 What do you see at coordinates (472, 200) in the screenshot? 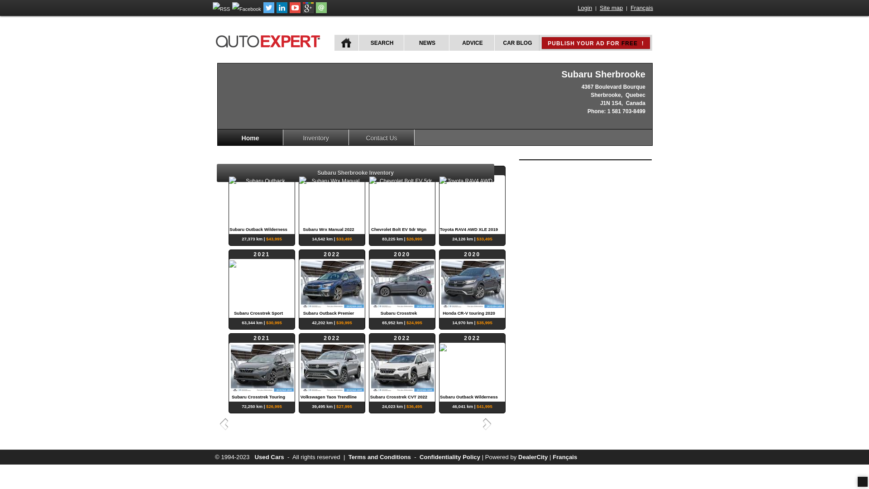
I see `'2019` at bounding box center [472, 200].